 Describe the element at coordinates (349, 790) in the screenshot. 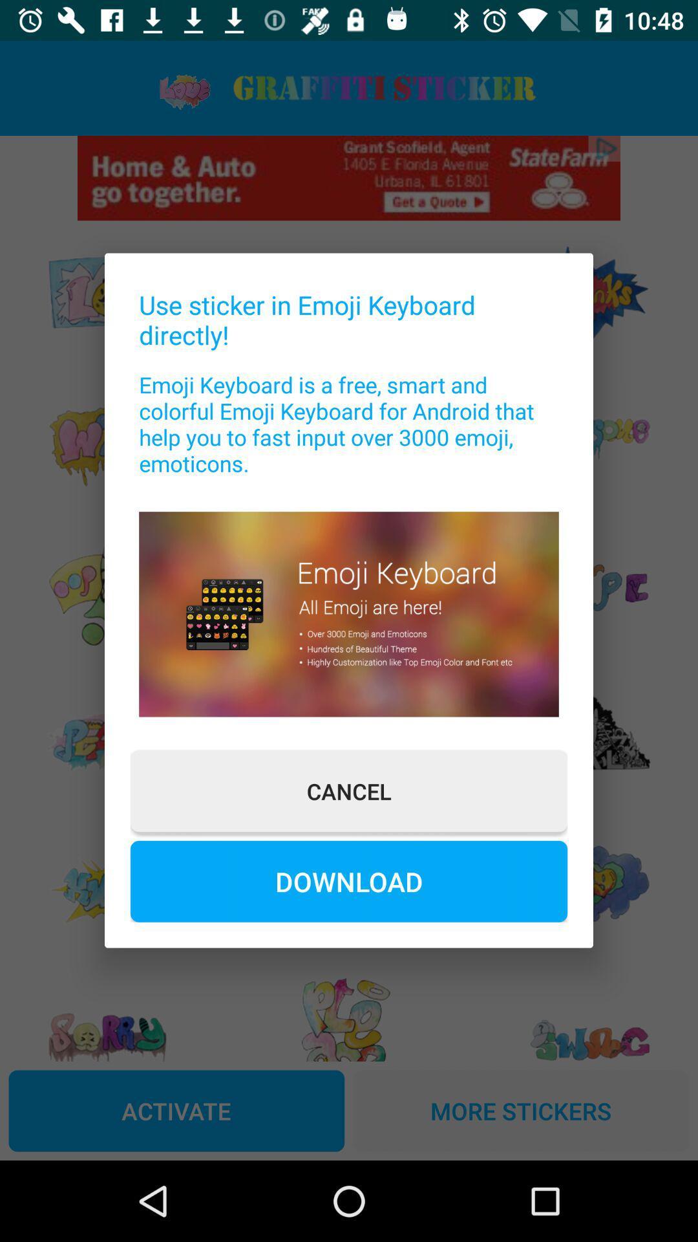

I see `cancel item` at that location.